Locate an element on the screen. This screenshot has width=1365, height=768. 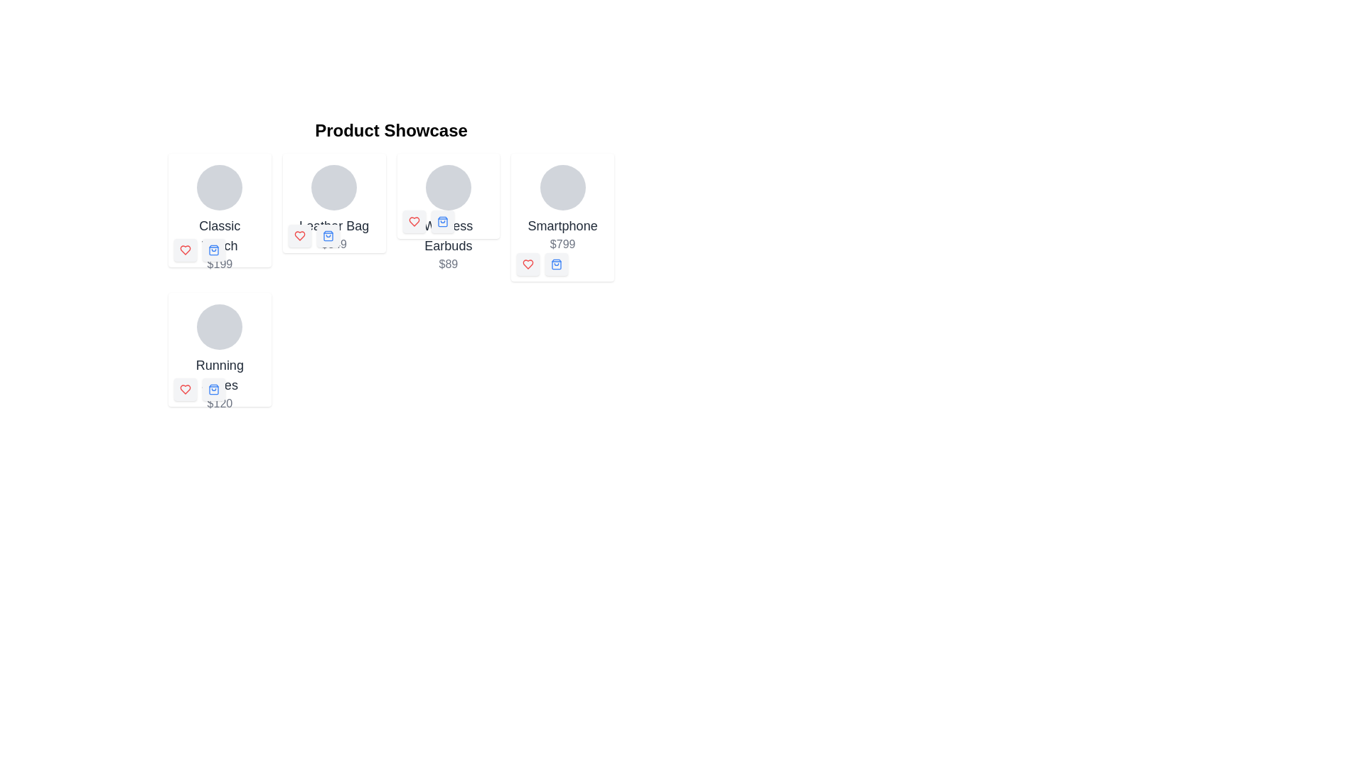
the image on the Information display card for the product 'Smartphone' priced at '$799' is located at coordinates (562, 208).